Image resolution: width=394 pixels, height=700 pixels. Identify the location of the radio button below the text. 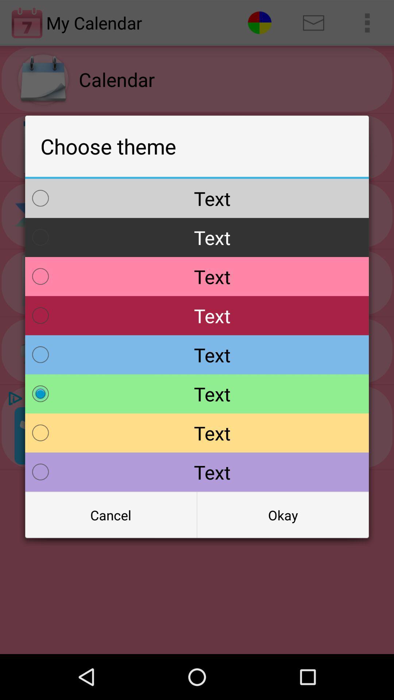
(282, 514).